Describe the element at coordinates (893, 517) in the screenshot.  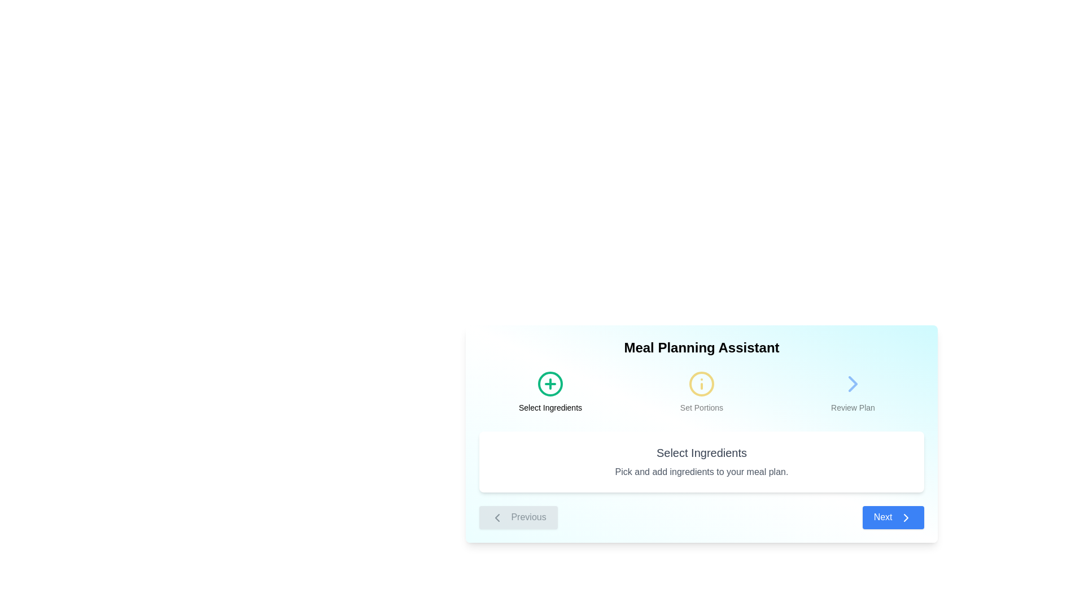
I see `the 'Next' button with a blue background and white text` at that location.